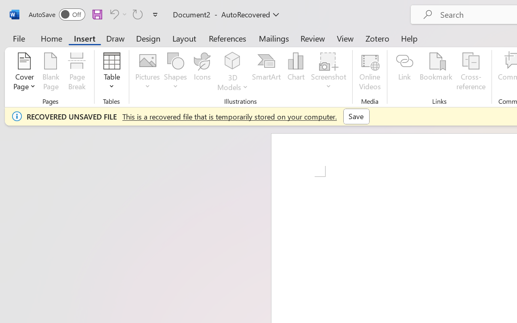 This screenshot has height=323, width=517. What do you see at coordinates (24, 72) in the screenshot?
I see `'Cover Page'` at bounding box center [24, 72].